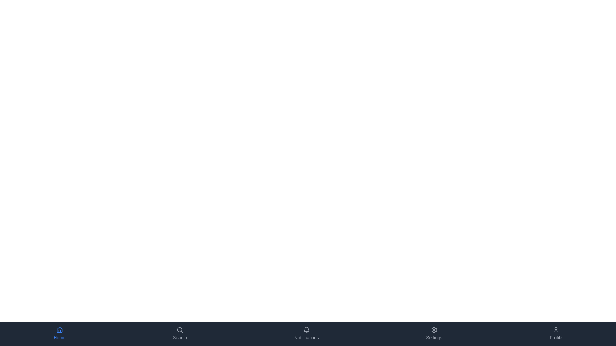 This screenshot has height=346, width=616. What do you see at coordinates (434, 330) in the screenshot?
I see `the grey gear-shaped icon in the Settings section of the bottom navigation bar` at bounding box center [434, 330].